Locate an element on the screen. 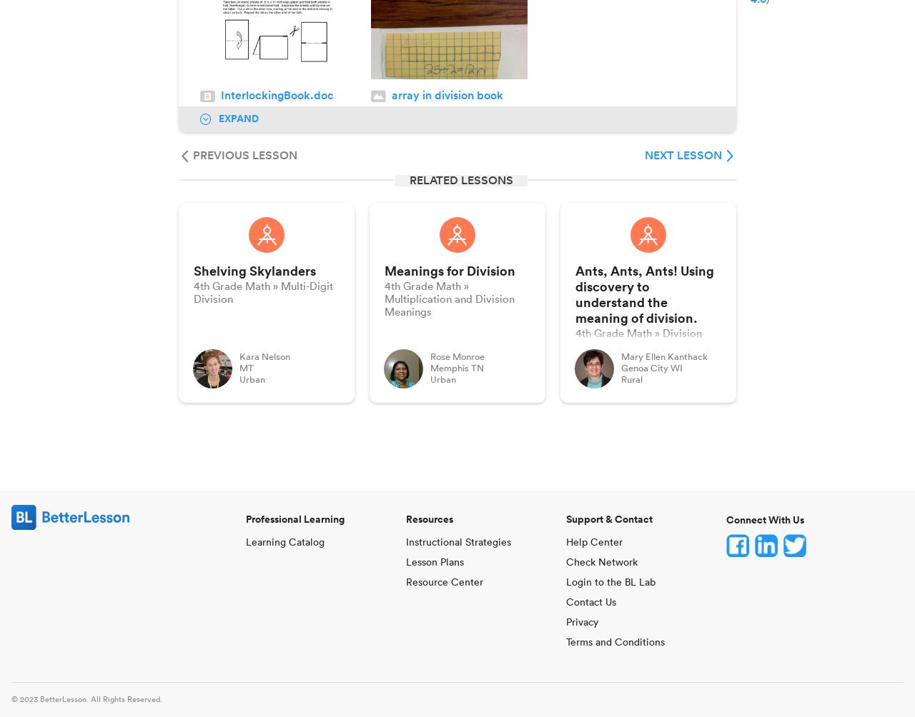 The height and width of the screenshot is (717, 915). 'I lead a discussion about the vocabulary term for each number in the number sentence. Students should record the terms on the last page in the book' is located at coordinates (445, 566).